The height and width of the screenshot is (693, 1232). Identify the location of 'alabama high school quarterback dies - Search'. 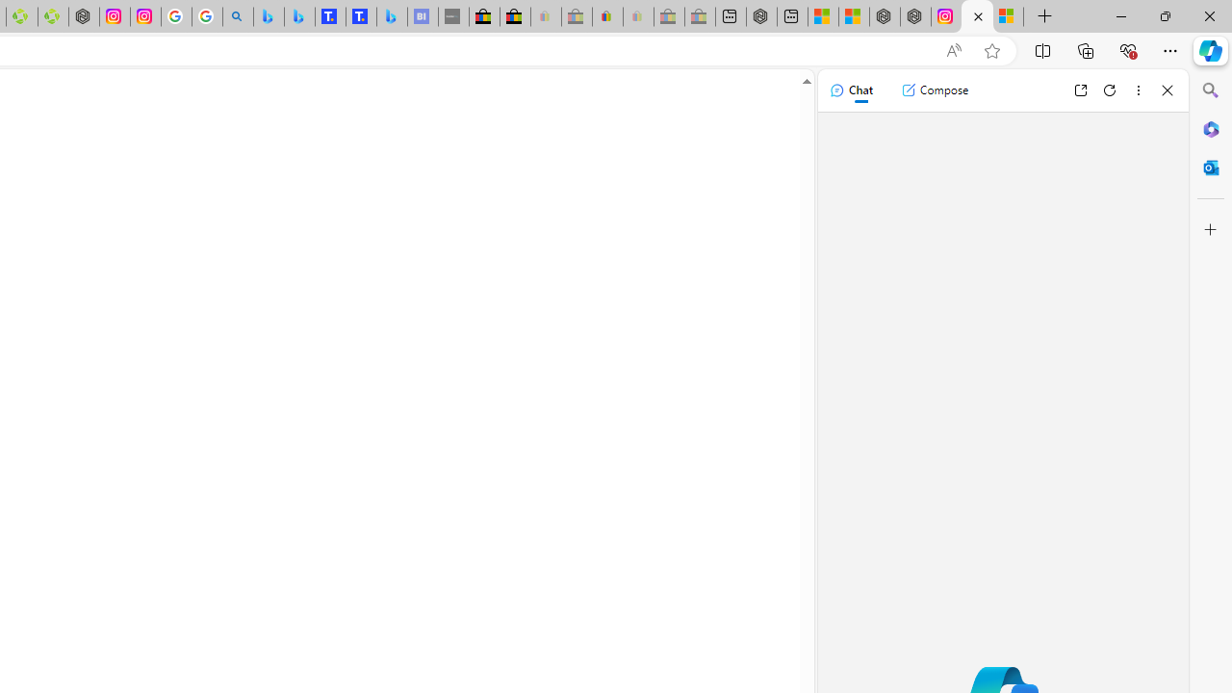
(237, 16).